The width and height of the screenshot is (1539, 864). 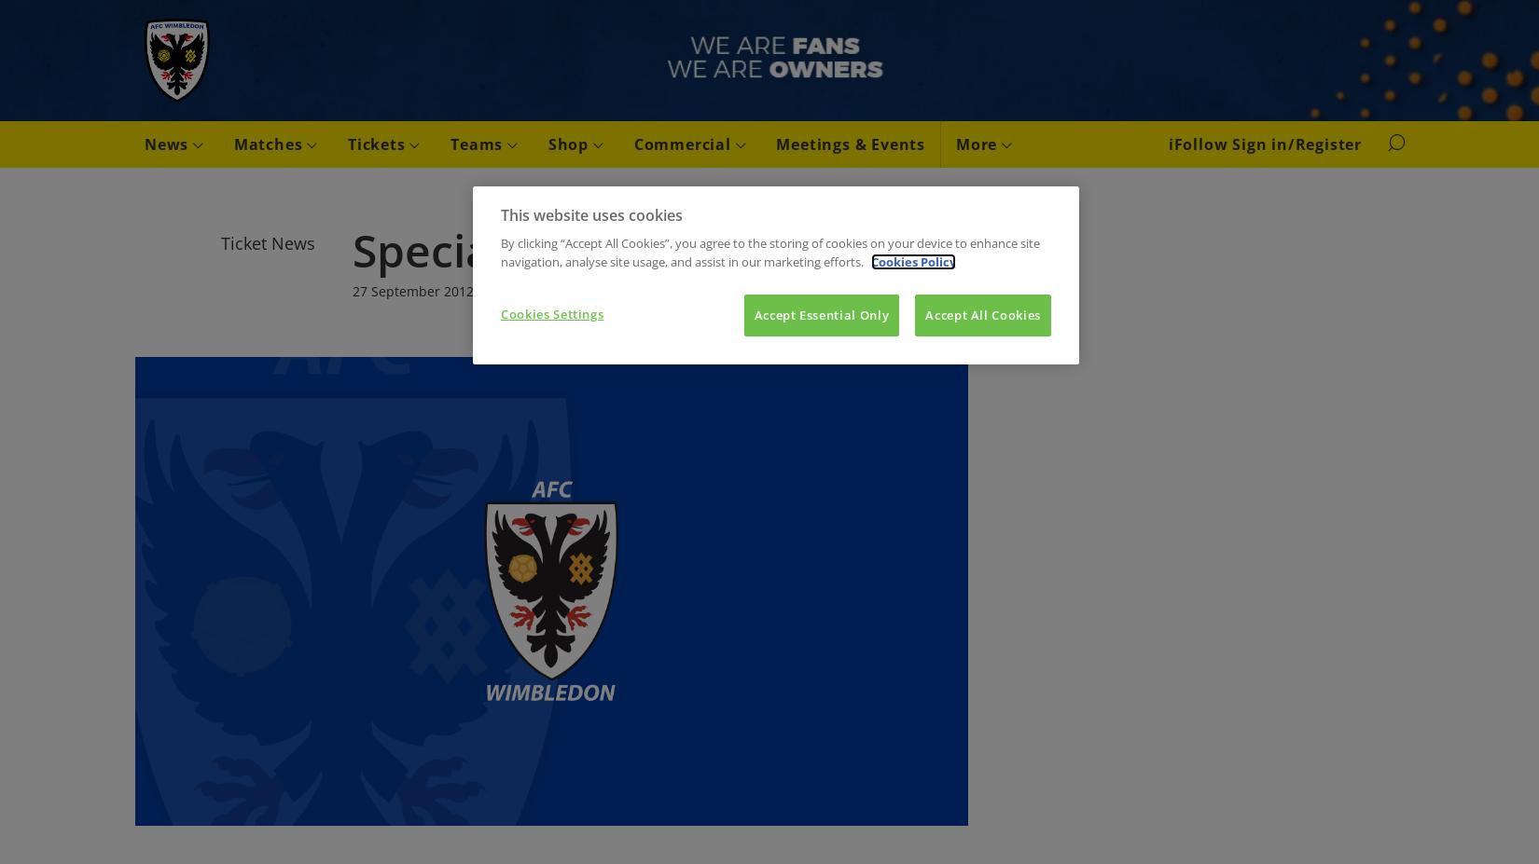 What do you see at coordinates (1263, 143) in the screenshot?
I see `'iFollow Sign in/Register'` at bounding box center [1263, 143].